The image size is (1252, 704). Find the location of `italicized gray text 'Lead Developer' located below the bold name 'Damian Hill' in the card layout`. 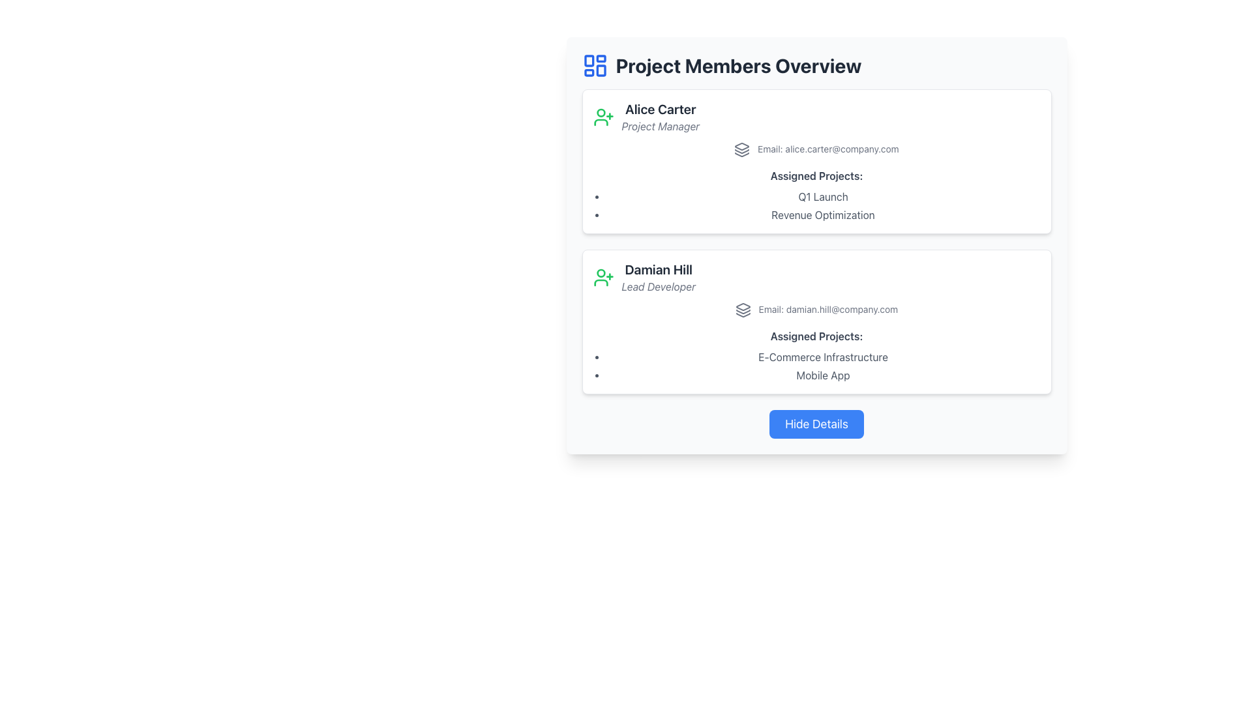

italicized gray text 'Lead Developer' located below the bold name 'Damian Hill' in the card layout is located at coordinates (659, 286).